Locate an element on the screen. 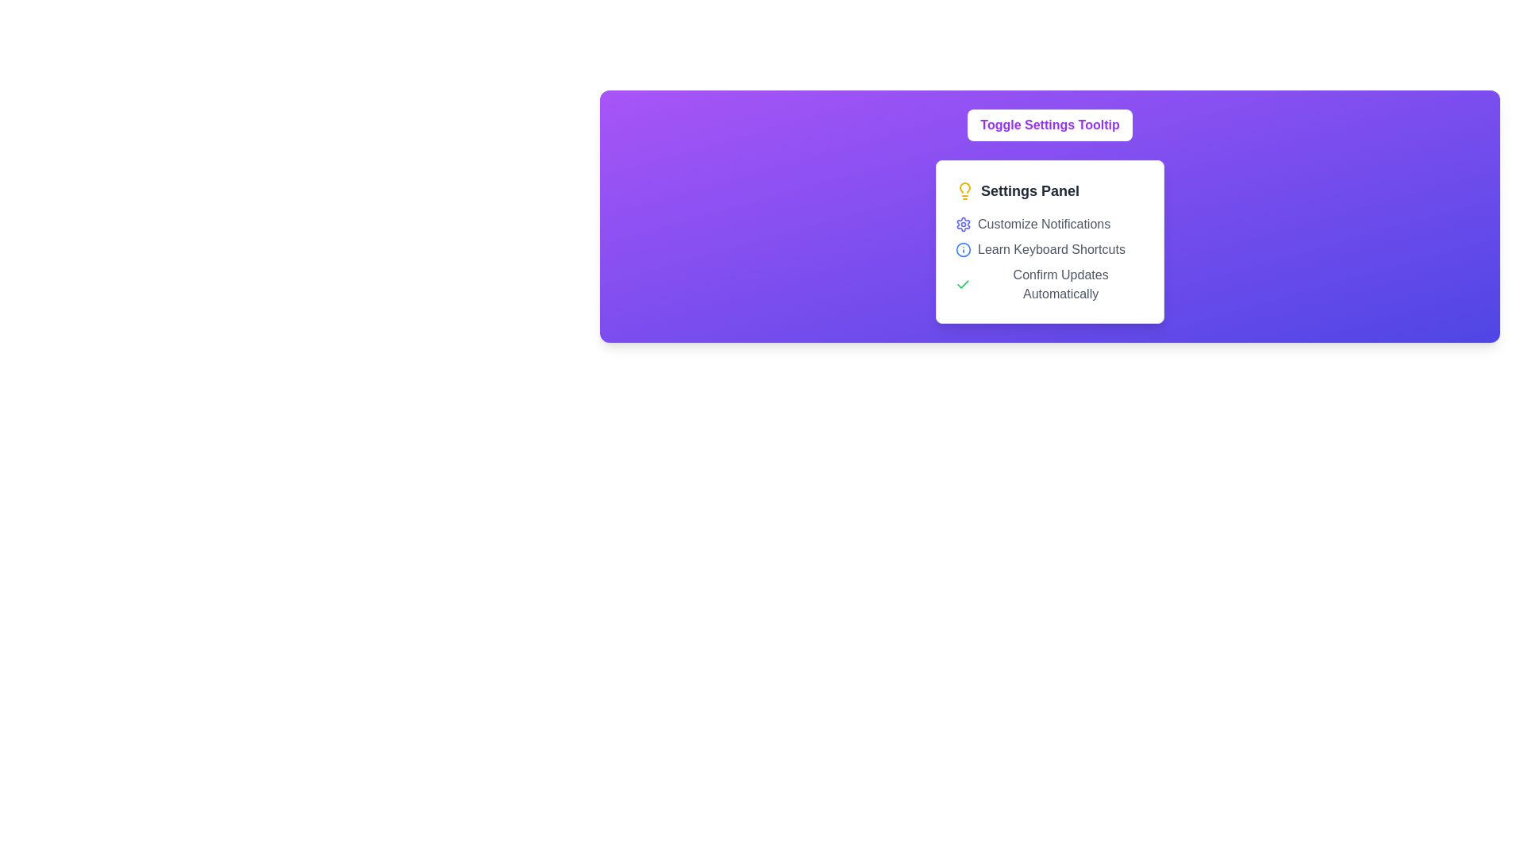 This screenshot has height=857, width=1524. the small checkmark icon with a green stroke and a white background located to the left of the 'Settings Panel' title text is located at coordinates (962, 283).